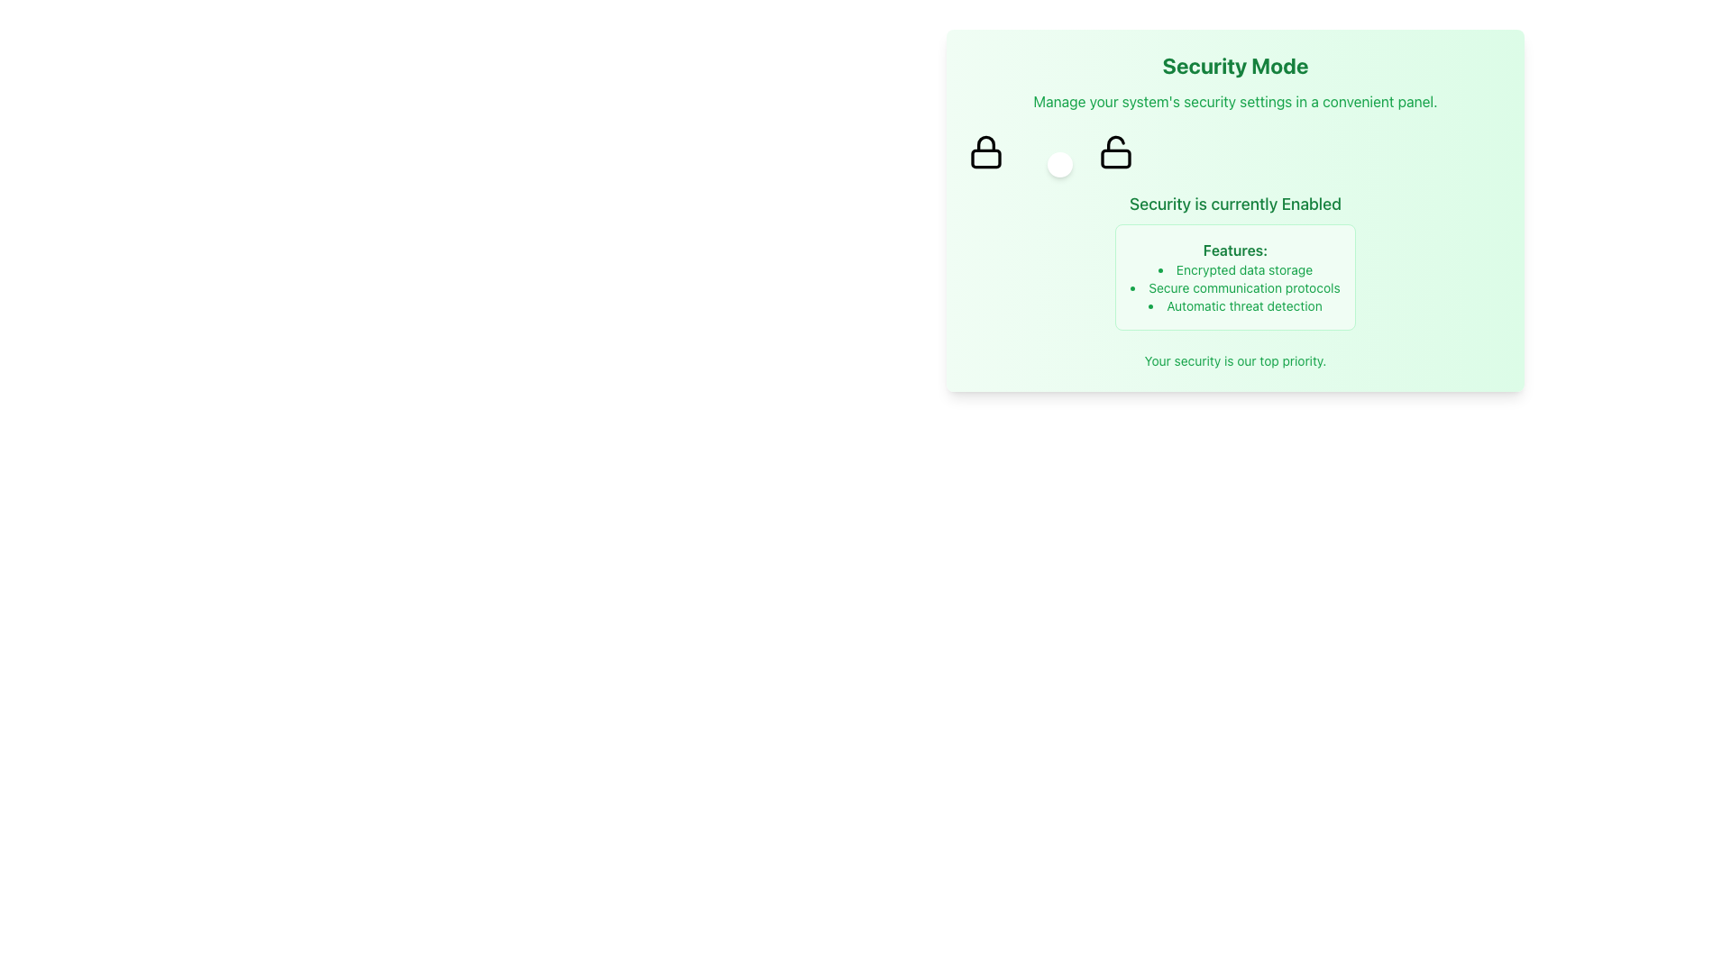 The height and width of the screenshot is (973, 1731). What do you see at coordinates (1234, 287) in the screenshot?
I see `text displayed in the 'Features:' list located within the light green box in the 'Security Mode' panel` at bounding box center [1234, 287].